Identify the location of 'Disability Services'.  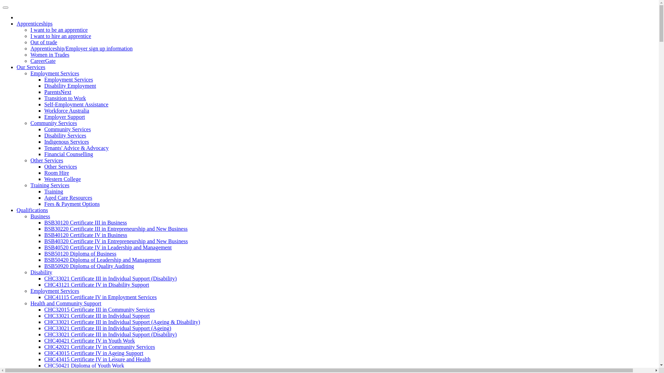
(65, 135).